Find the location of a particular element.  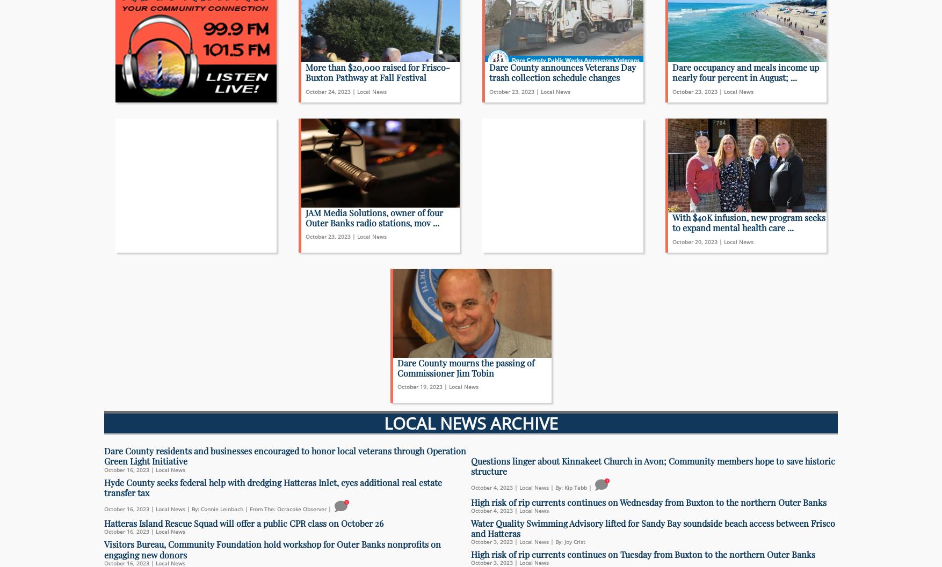

'Ocracoke Observer' is located at coordinates (301, 509).